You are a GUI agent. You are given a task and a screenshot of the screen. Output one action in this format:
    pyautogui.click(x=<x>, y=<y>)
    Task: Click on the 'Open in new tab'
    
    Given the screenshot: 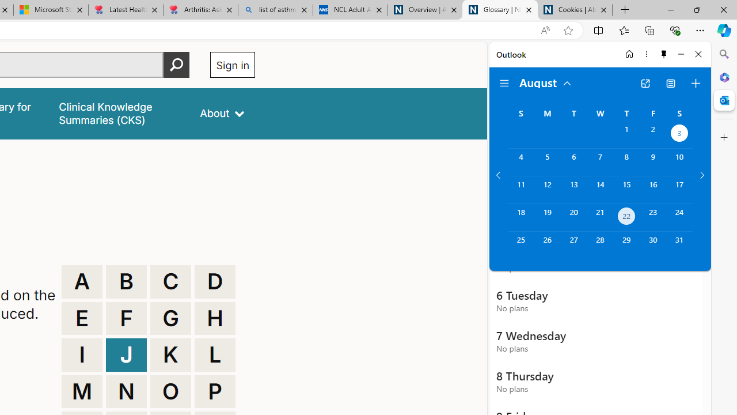 What is the action you would take?
    pyautogui.click(x=645, y=83)
    